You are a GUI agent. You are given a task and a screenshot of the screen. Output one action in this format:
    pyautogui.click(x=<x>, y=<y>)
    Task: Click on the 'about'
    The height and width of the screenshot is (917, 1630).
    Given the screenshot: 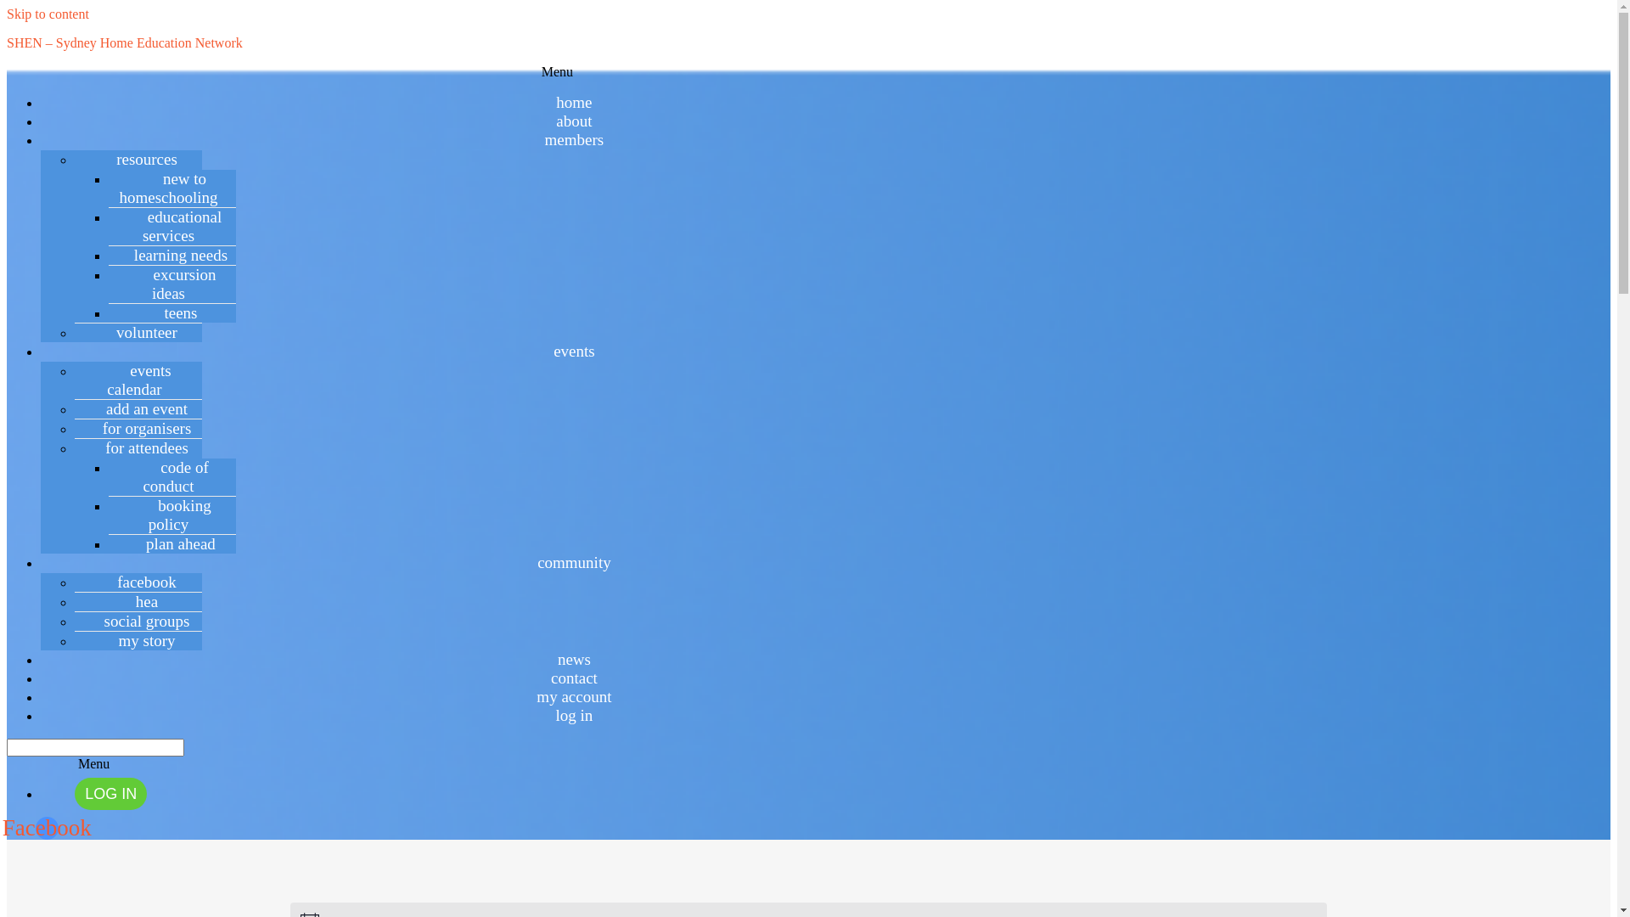 What is the action you would take?
    pyautogui.click(x=574, y=120)
    